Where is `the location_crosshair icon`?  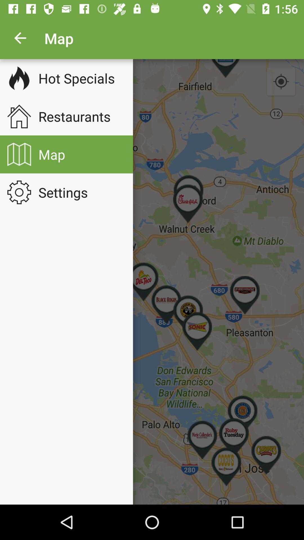
the location_crosshair icon is located at coordinates (281, 82).